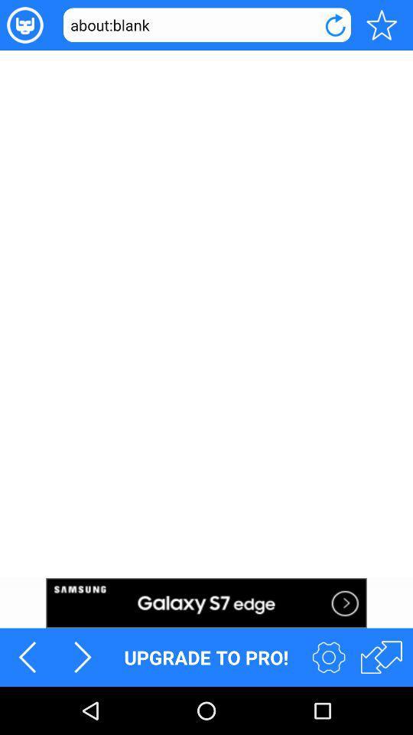  Describe the element at coordinates (381, 26) in the screenshot. I see `the star icon` at that location.